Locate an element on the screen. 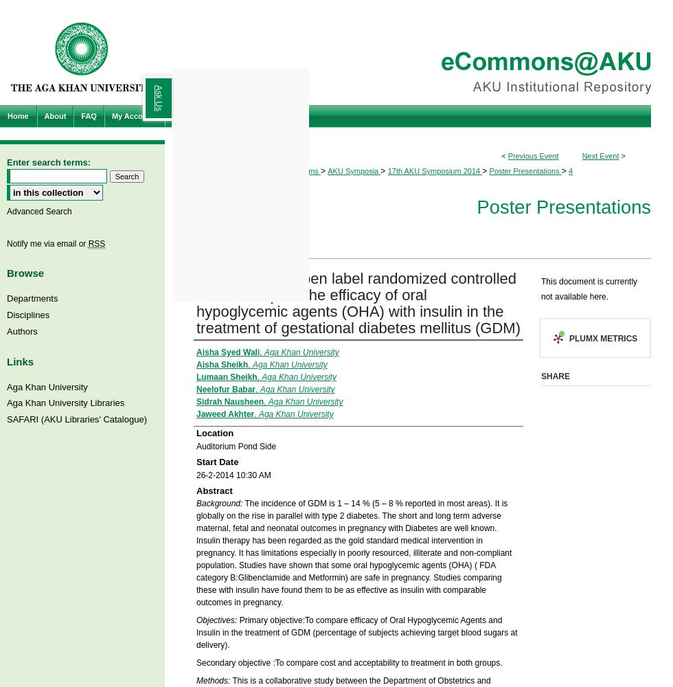 The width and height of the screenshot is (673, 687). 'Secondary objective :To compare cost and acceptability to treatment in both groups.' is located at coordinates (349, 662).